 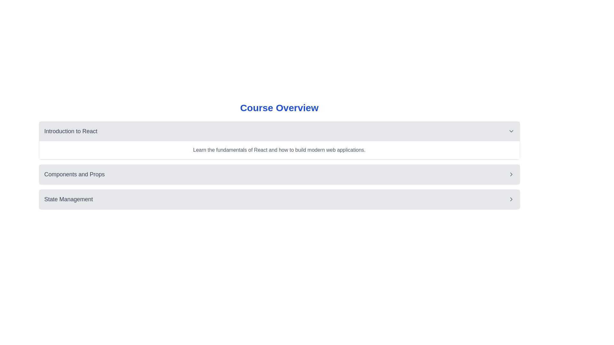 I want to click on the right-pointing chevron icon, so click(x=511, y=174).